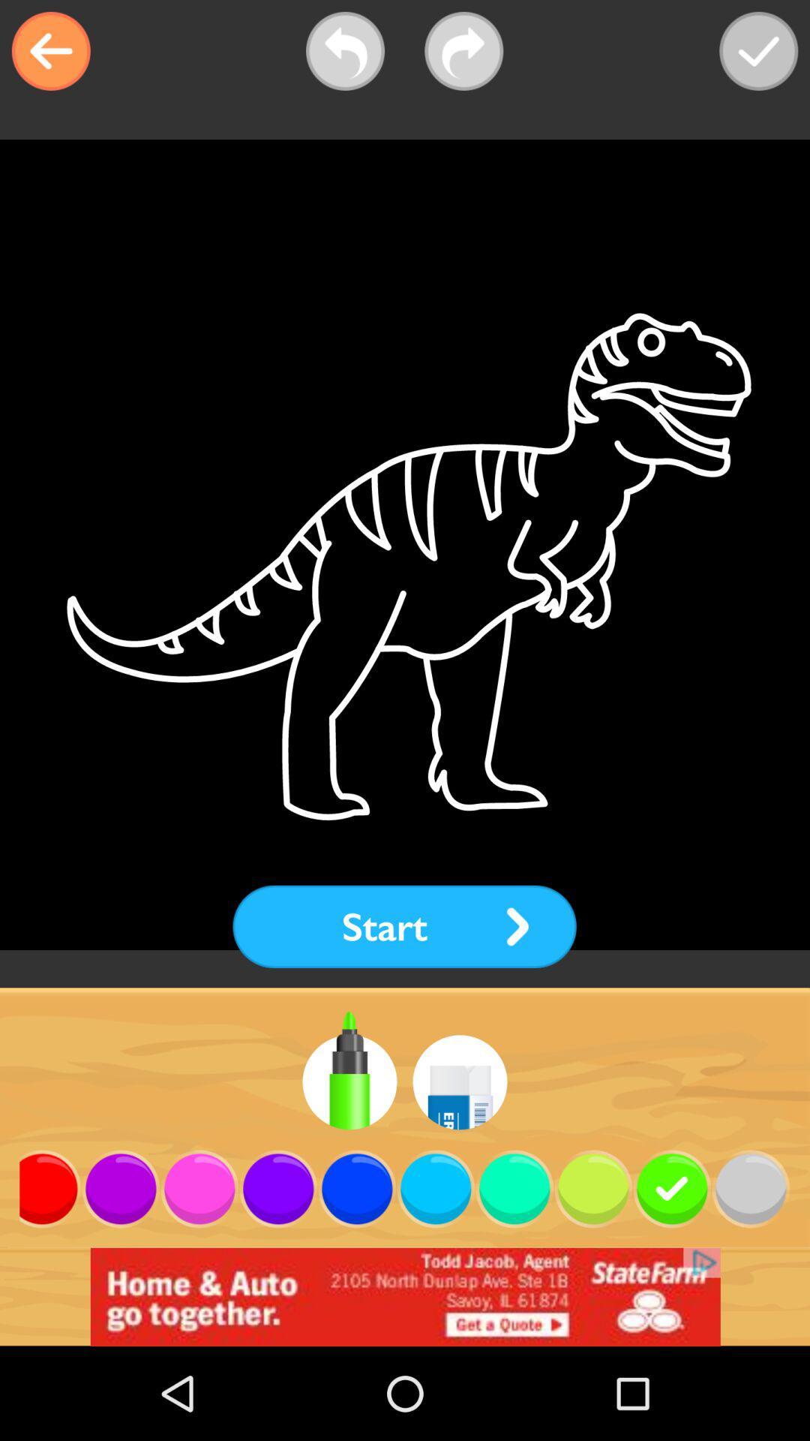 Image resolution: width=810 pixels, height=1441 pixels. I want to click on shows forward option, so click(463, 51).